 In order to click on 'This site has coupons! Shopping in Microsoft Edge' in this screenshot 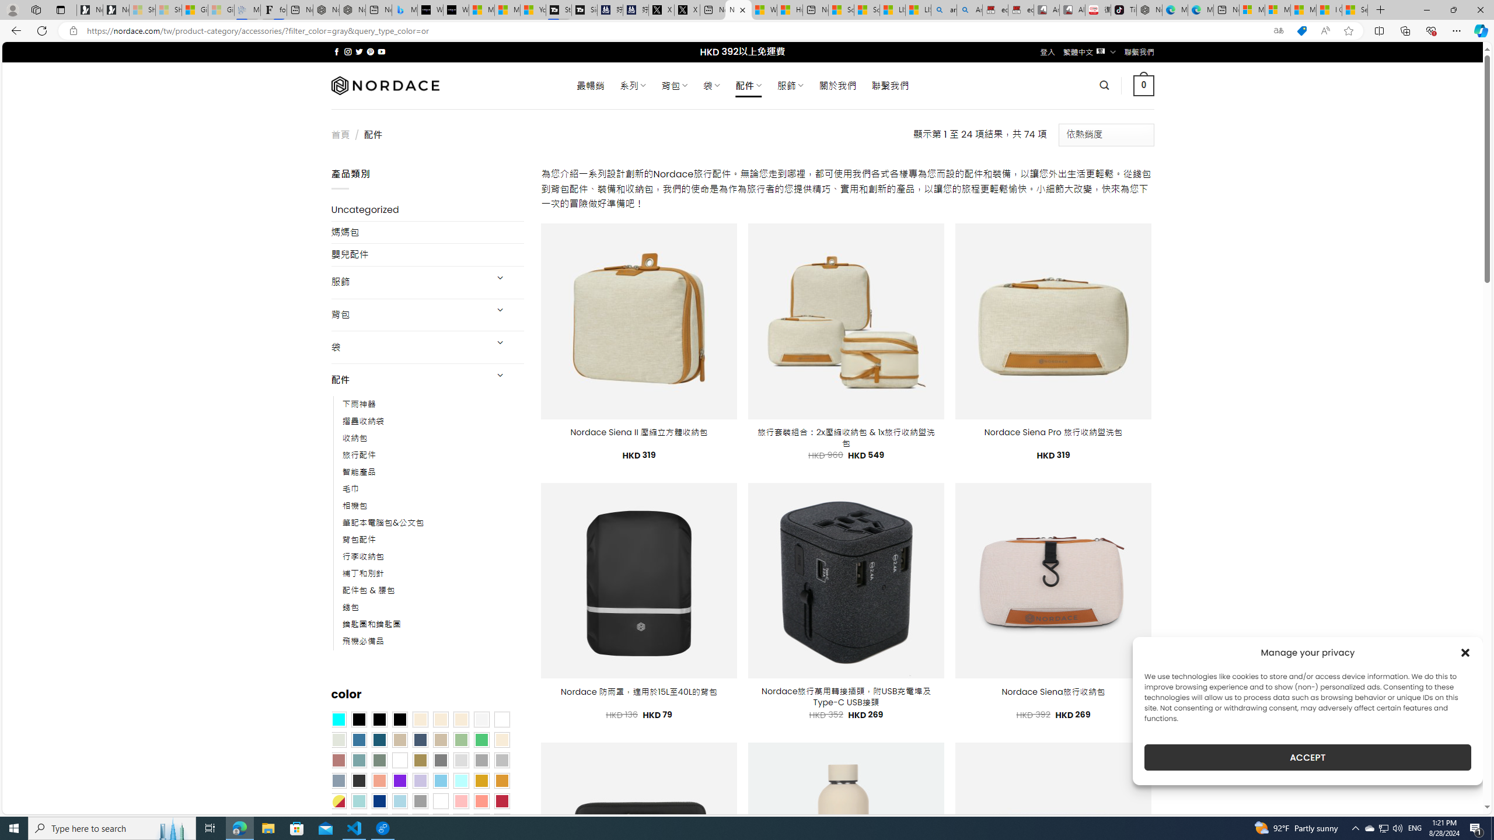, I will do `click(1301, 31)`.